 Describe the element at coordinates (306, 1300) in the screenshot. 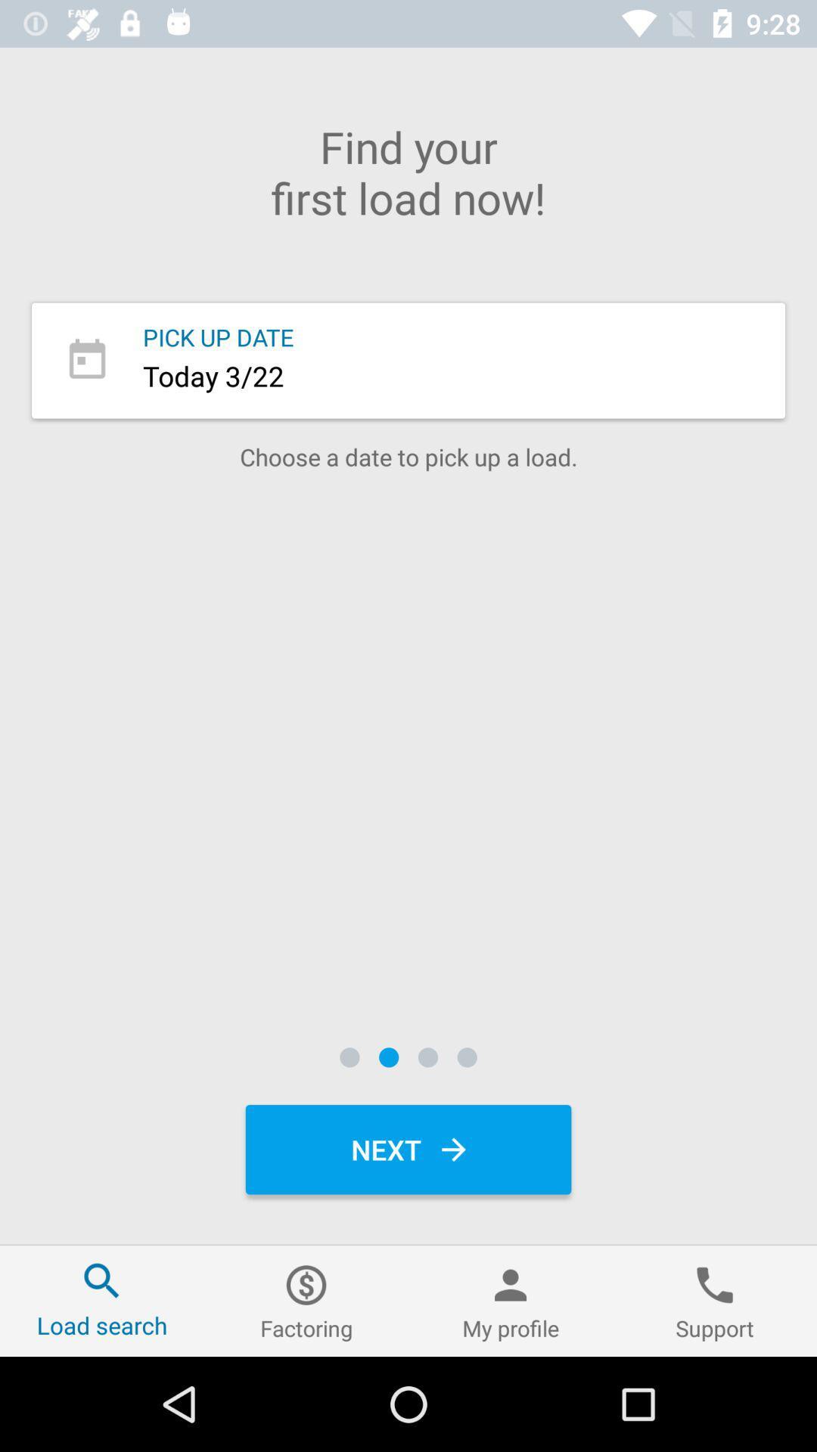

I see `the factoring item` at that location.